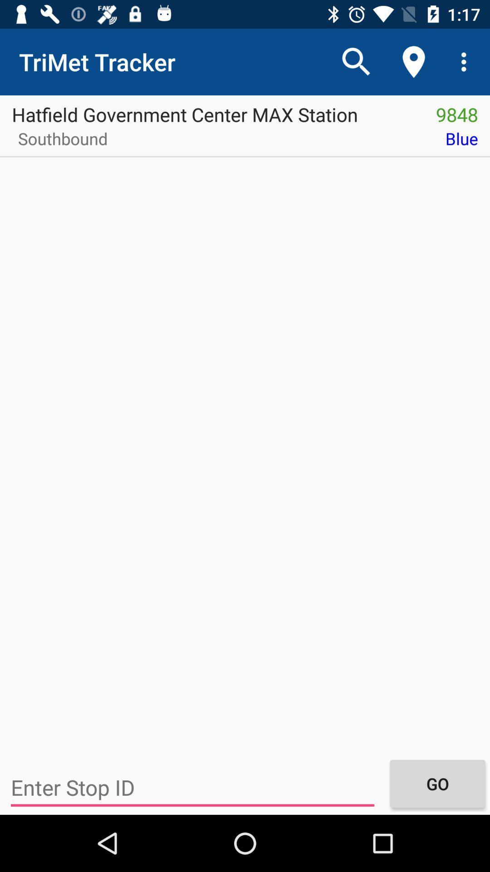 This screenshot has height=872, width=490. Describe the element at coordinates (212, 111) in the screenshot. I see `the icon above southbound` at that location.